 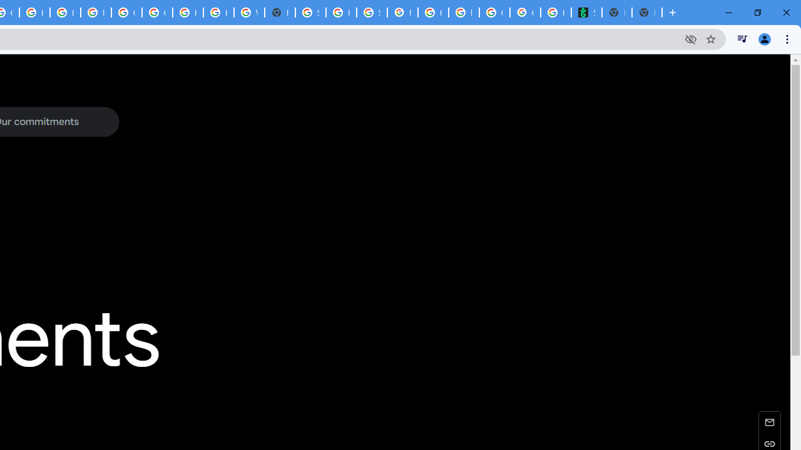 What do you see at coordinates (310, 12) in the screenshot?
I see `'Sign in - Google Accounts'` at bounding box center [310, 12].